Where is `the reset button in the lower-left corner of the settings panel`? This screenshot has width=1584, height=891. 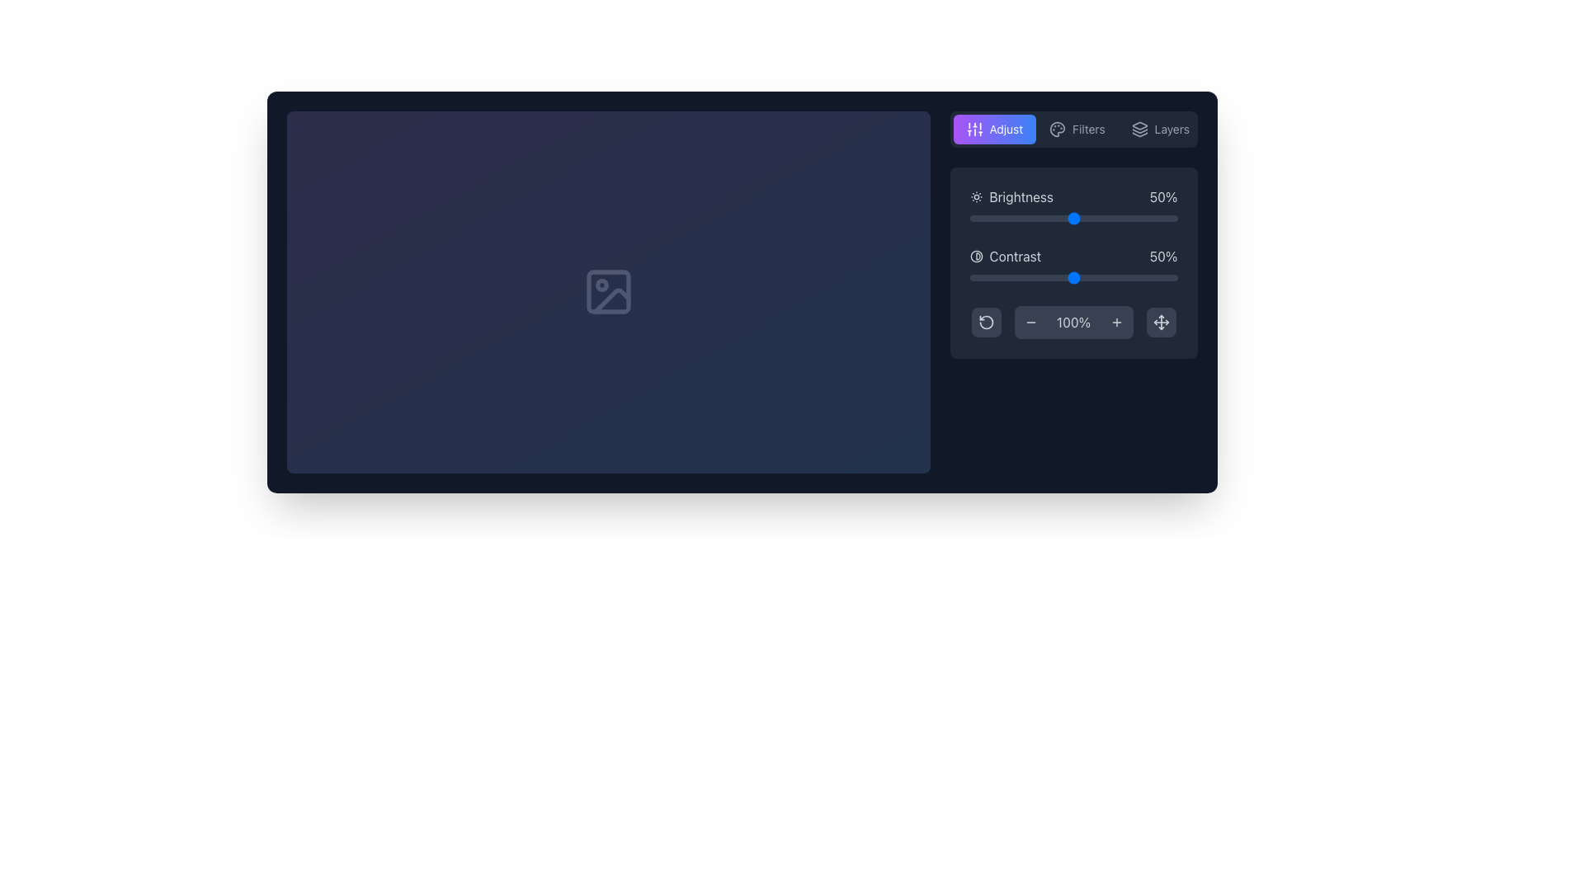 the reset button in the lower-left corner of the settings panel is located at coordinates (986, 322).